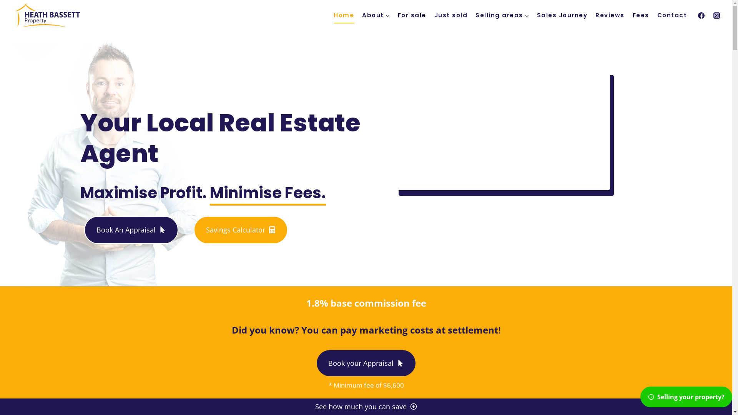  Describe the element at coordinates (502, 129) in the screenshot. I see `'YouTube video player'` at that location.